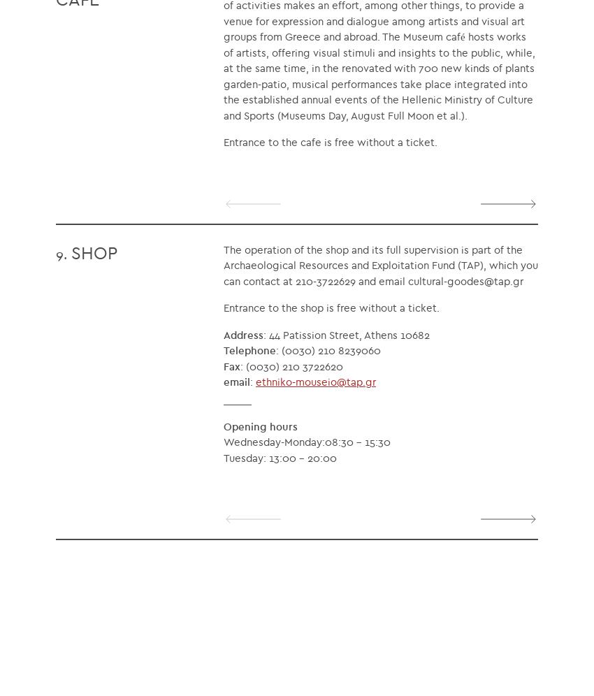  Describe the element at coordinates (236, 381) in the screenshot. I see `'email'` at that location.